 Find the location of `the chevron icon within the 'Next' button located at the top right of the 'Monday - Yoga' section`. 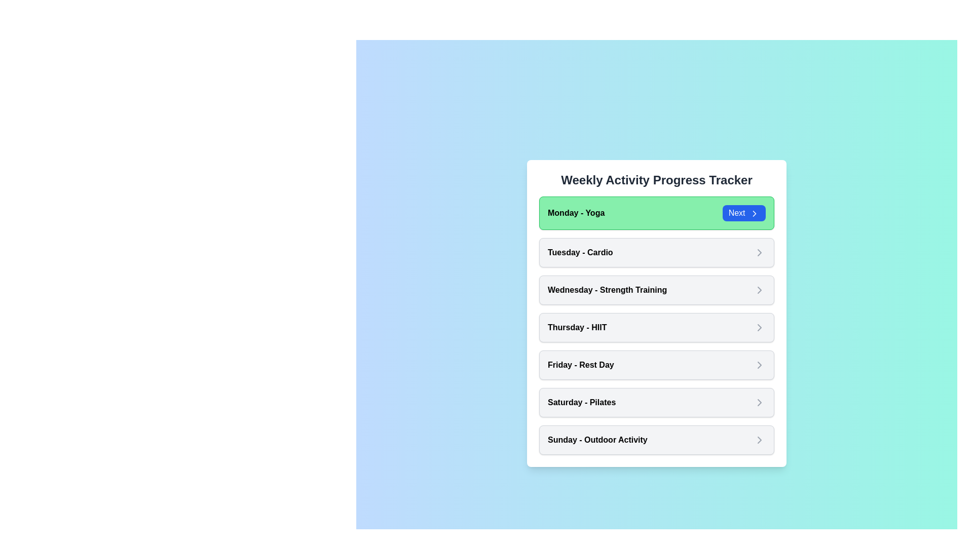

the chevron icon within the 'Next' button located at the top right of the 'Monday - Yoga' section is located at coordinates (754, 212).